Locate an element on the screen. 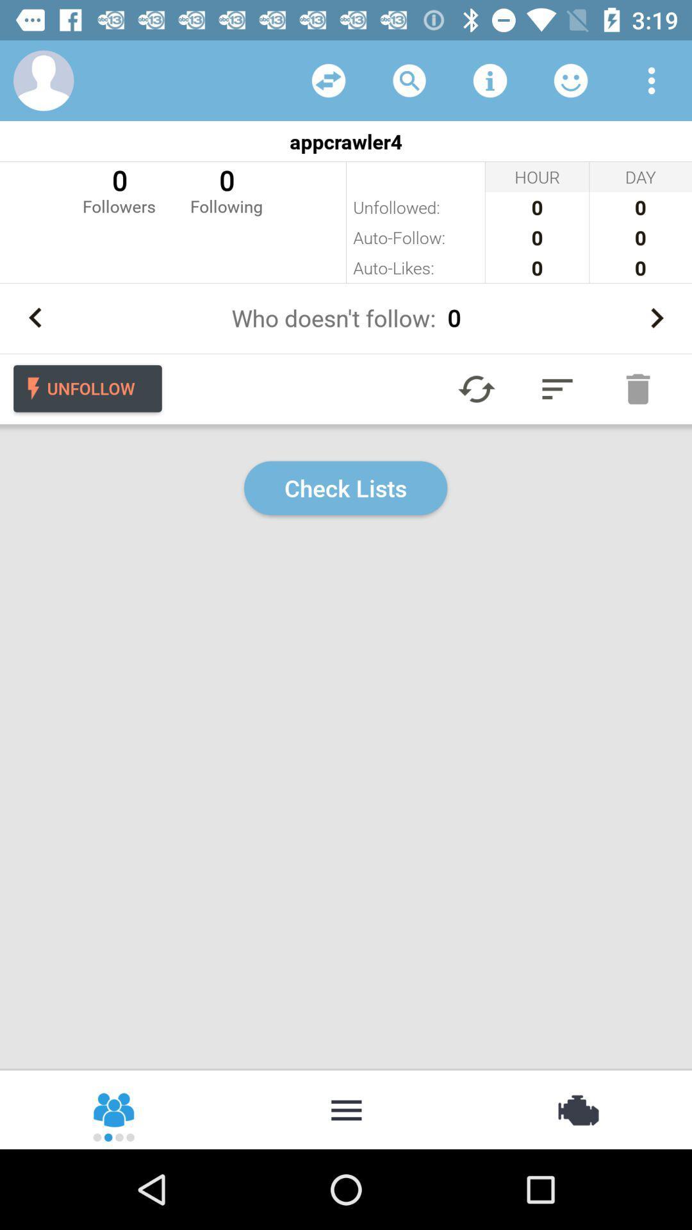 This screenshot has width=692, height=1230. open drop down menu is located at coordinates (652, 79).